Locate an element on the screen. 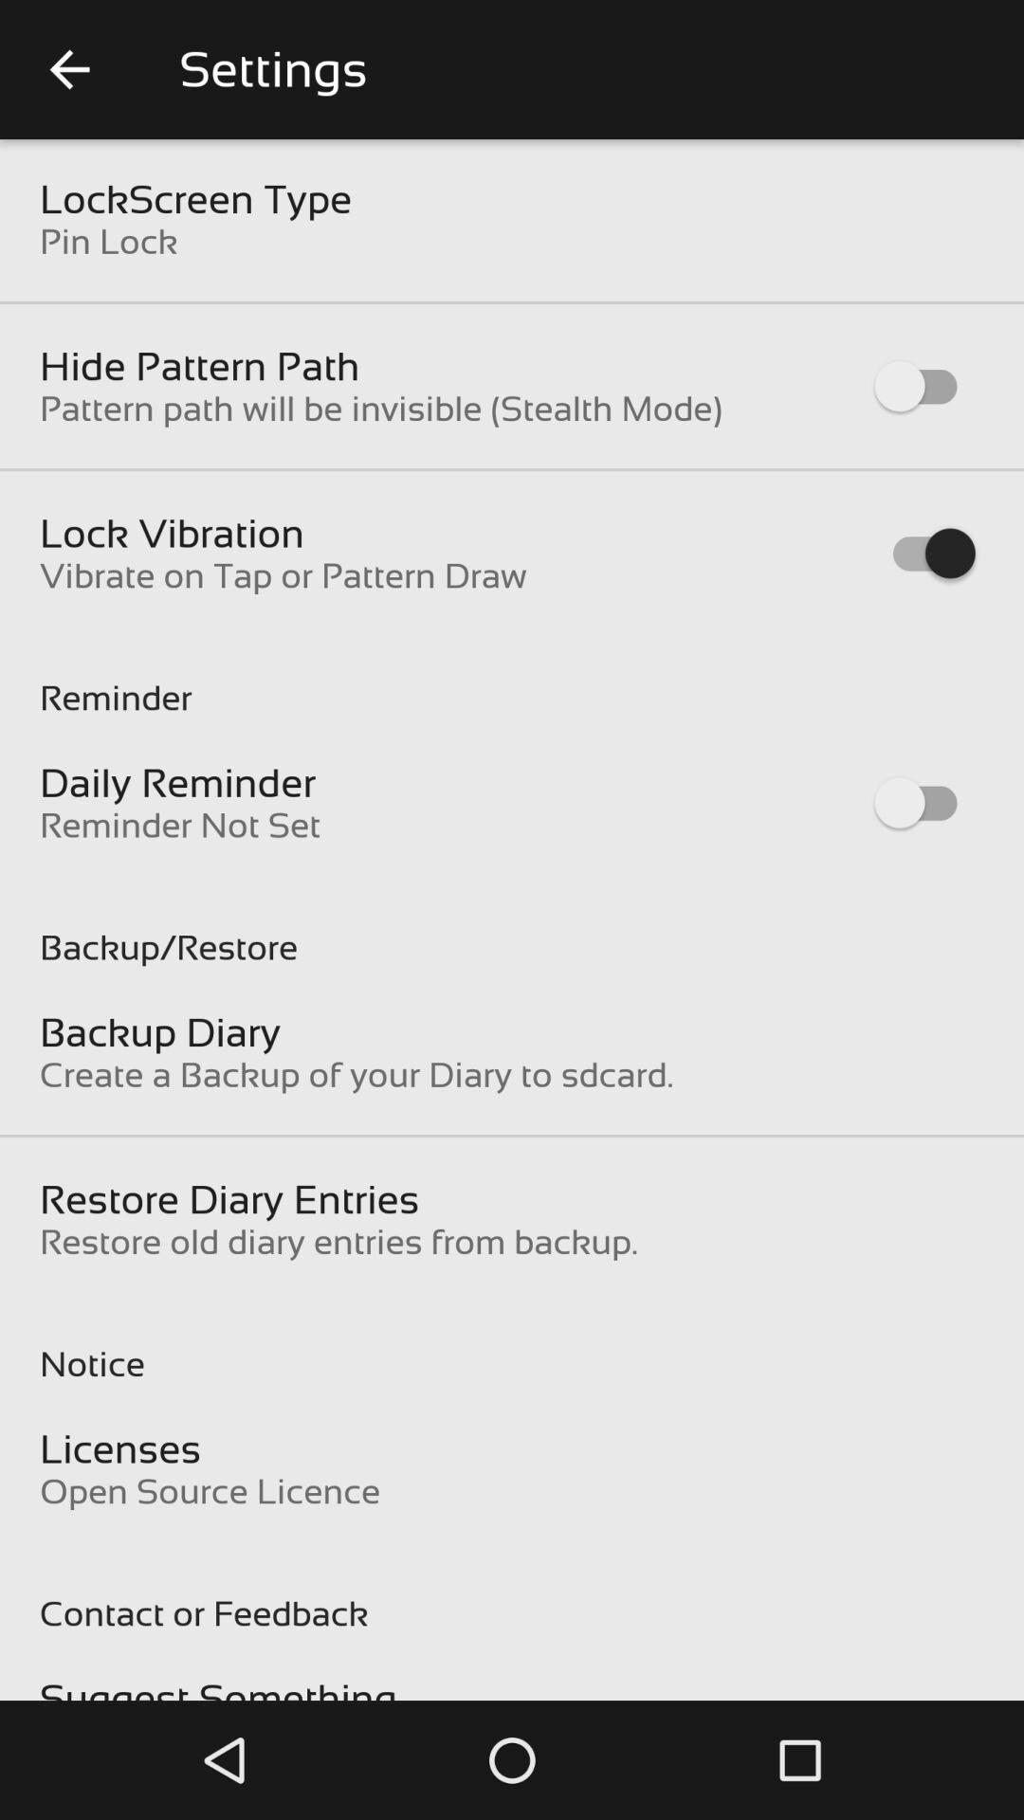 The width and height of the screenshot is (1024, 1820). the item to the left of the settings icon is located at coordinates (68, 69).